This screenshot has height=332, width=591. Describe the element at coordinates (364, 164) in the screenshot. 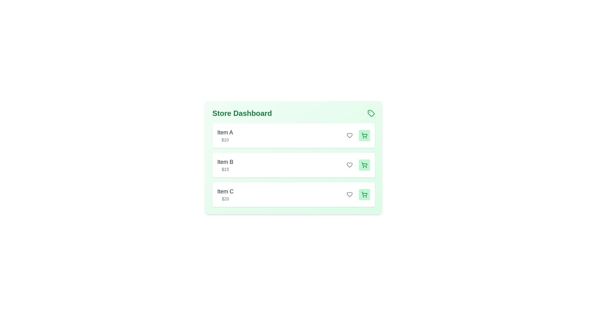

I see `the shopping cart icon located at the far-right end of the second item entry` at that location.